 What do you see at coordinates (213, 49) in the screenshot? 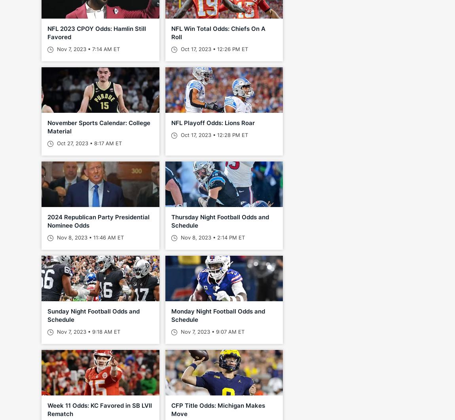
I see `'Oct 17, 2023 • 12:26 PM ET'` at bounding box center [213, 49].